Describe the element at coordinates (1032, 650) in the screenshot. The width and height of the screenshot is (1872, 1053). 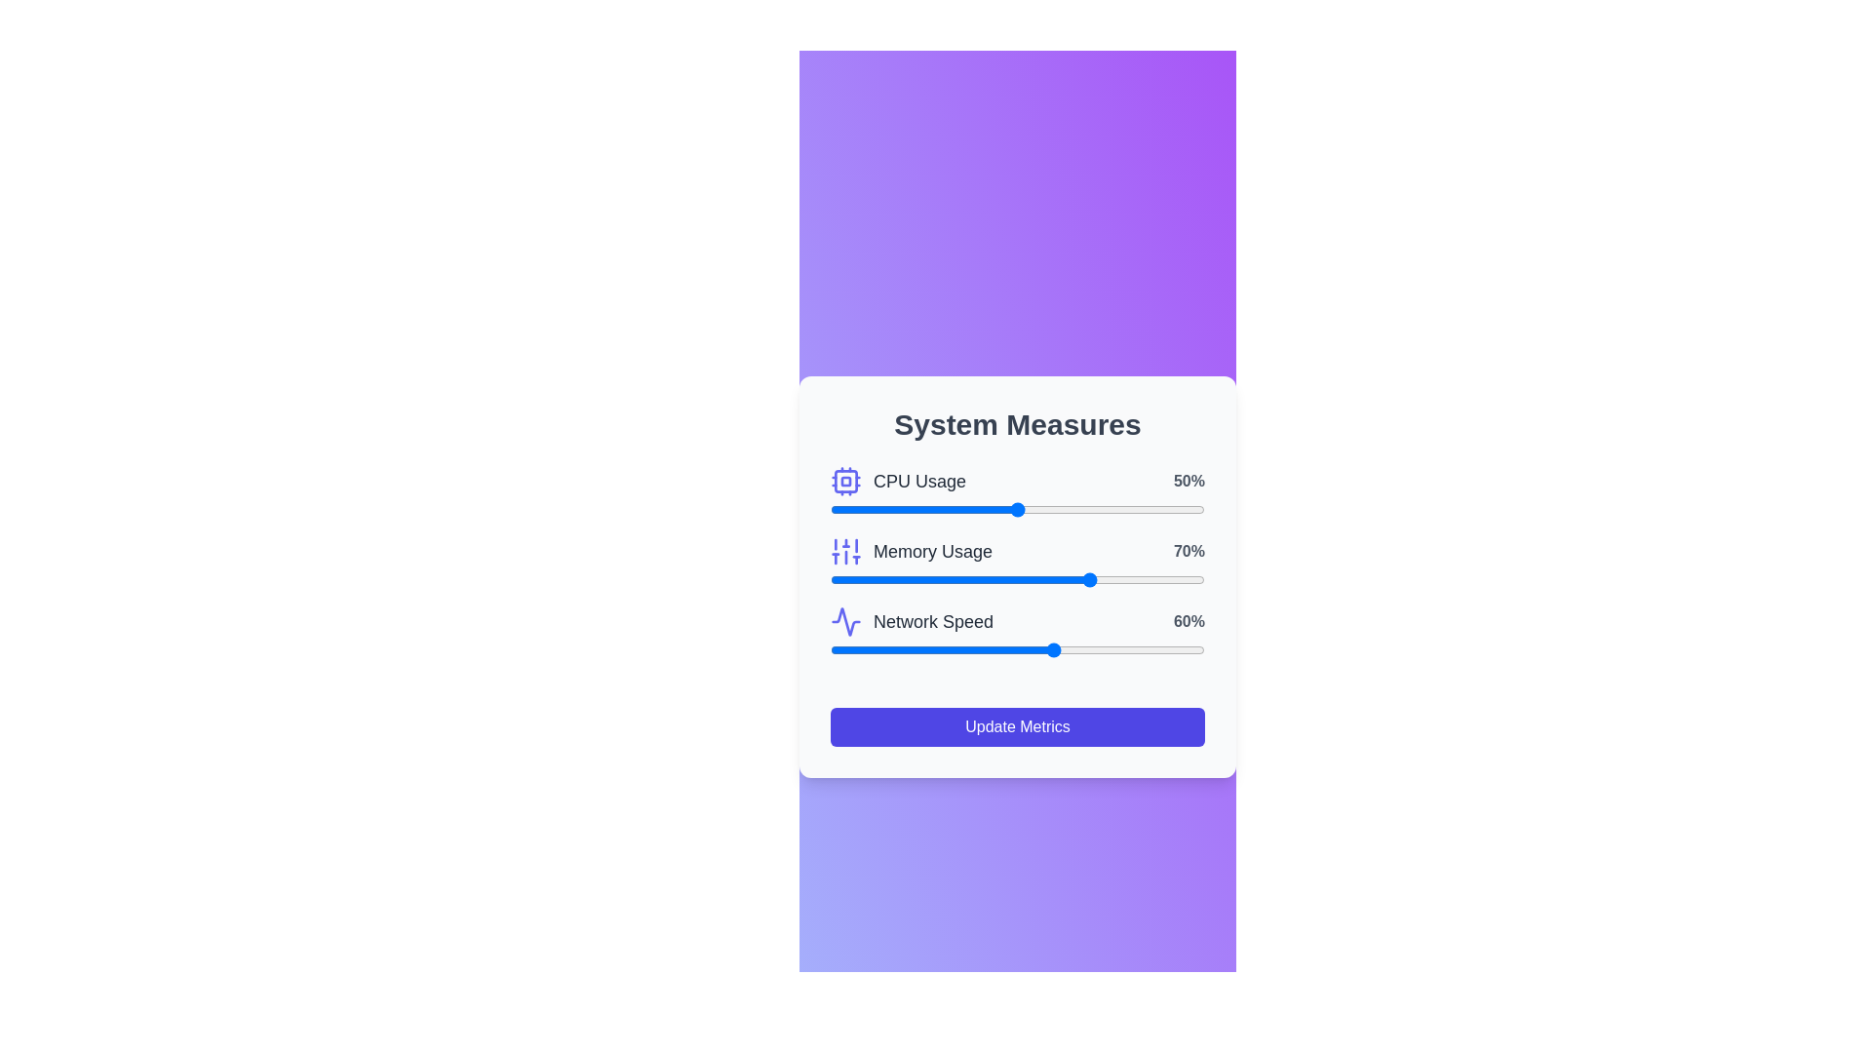
I see `the Network Speed slider to 54%` at that location.